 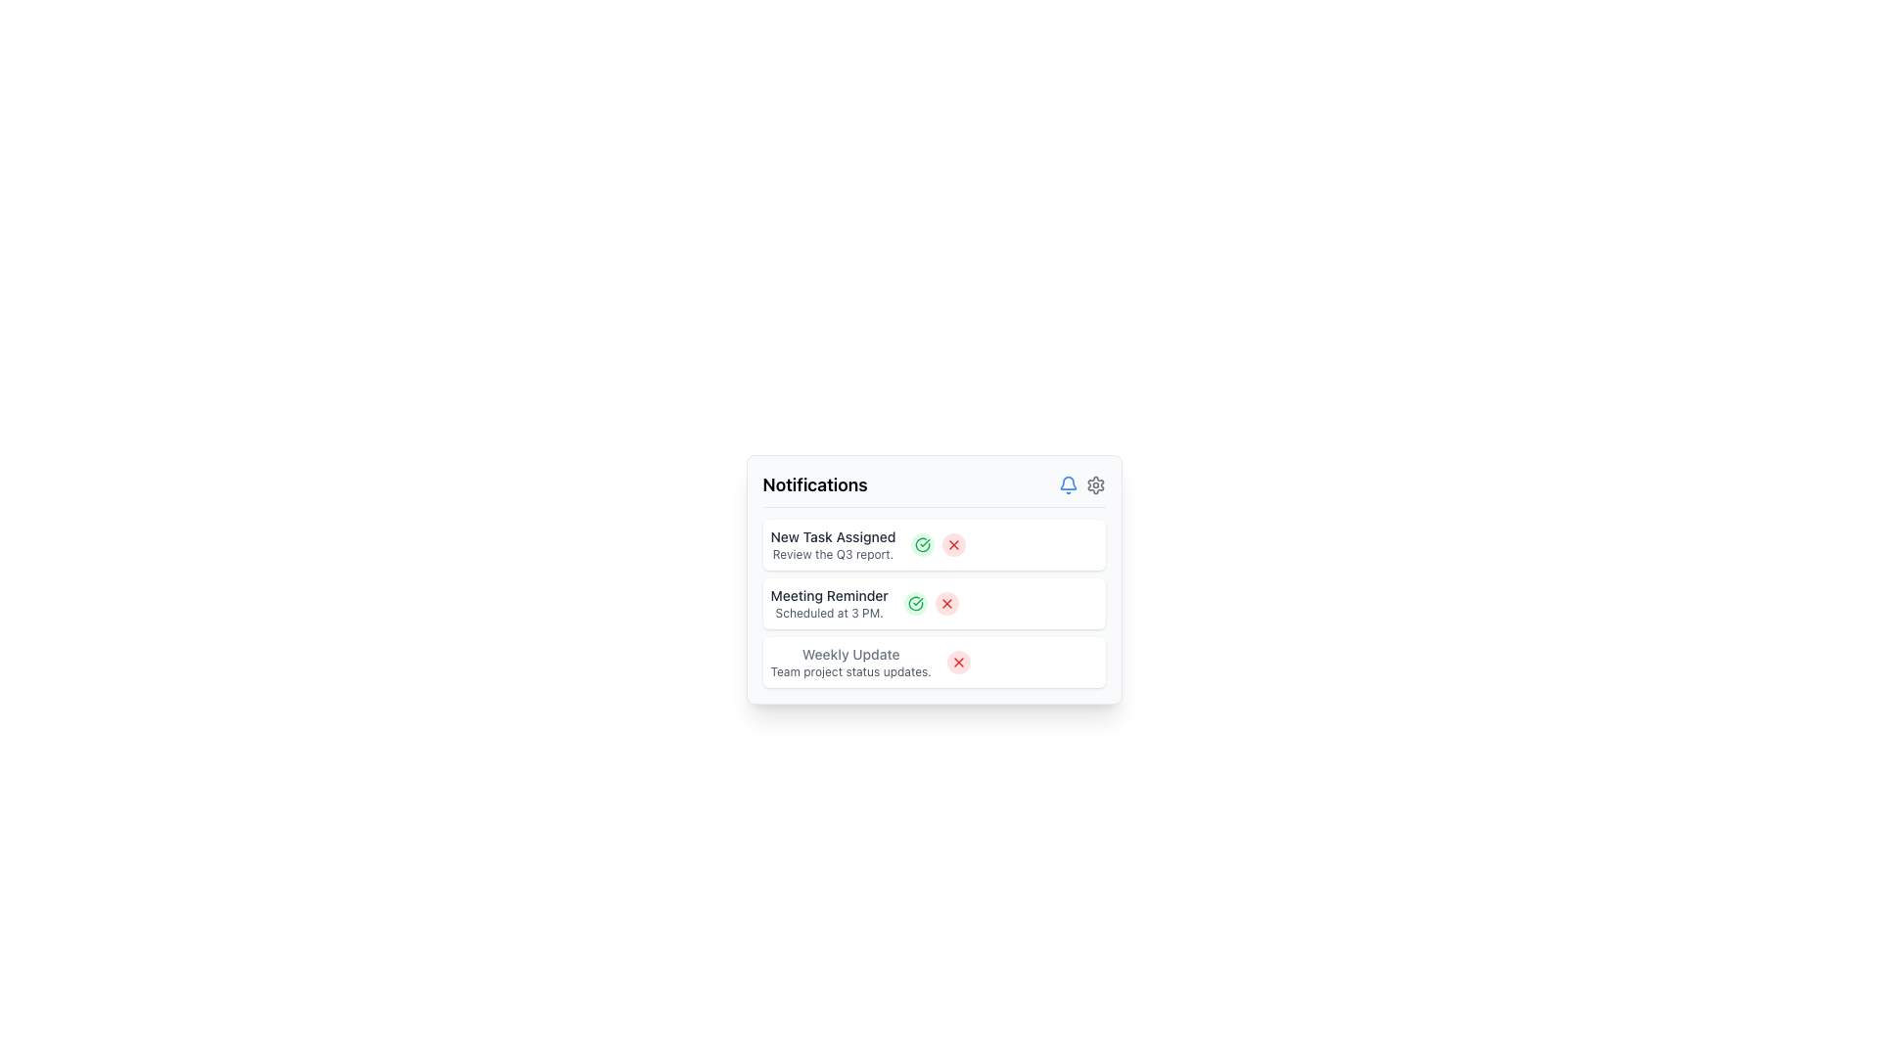 What do you see at coordinates (1094, 484) in the screenshot?
I see `the settings button, represented by a cogwheel icon located in the top-right corner of the notification panel` at bounding box center [1094, 484].